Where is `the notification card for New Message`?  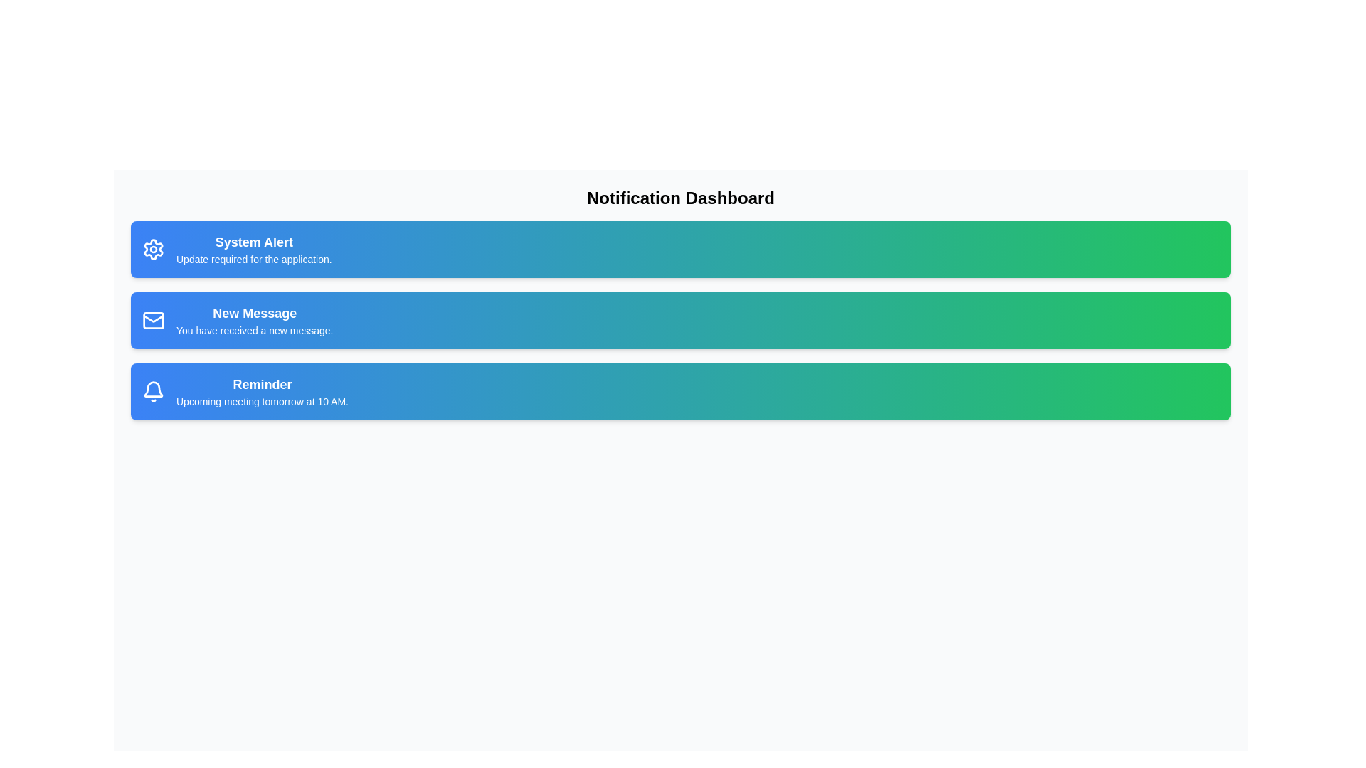
the notification card for New Message is located at coordinates (679, 321).